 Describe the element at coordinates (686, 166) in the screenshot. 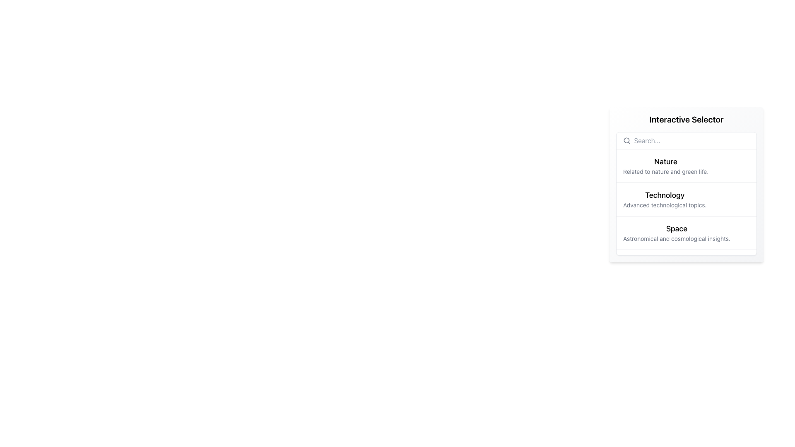

I see `the first selectable option labeled 'Nature' in the vertically arranged list under the heading 'Interactive Selector' to trigger a visual response` at that location.